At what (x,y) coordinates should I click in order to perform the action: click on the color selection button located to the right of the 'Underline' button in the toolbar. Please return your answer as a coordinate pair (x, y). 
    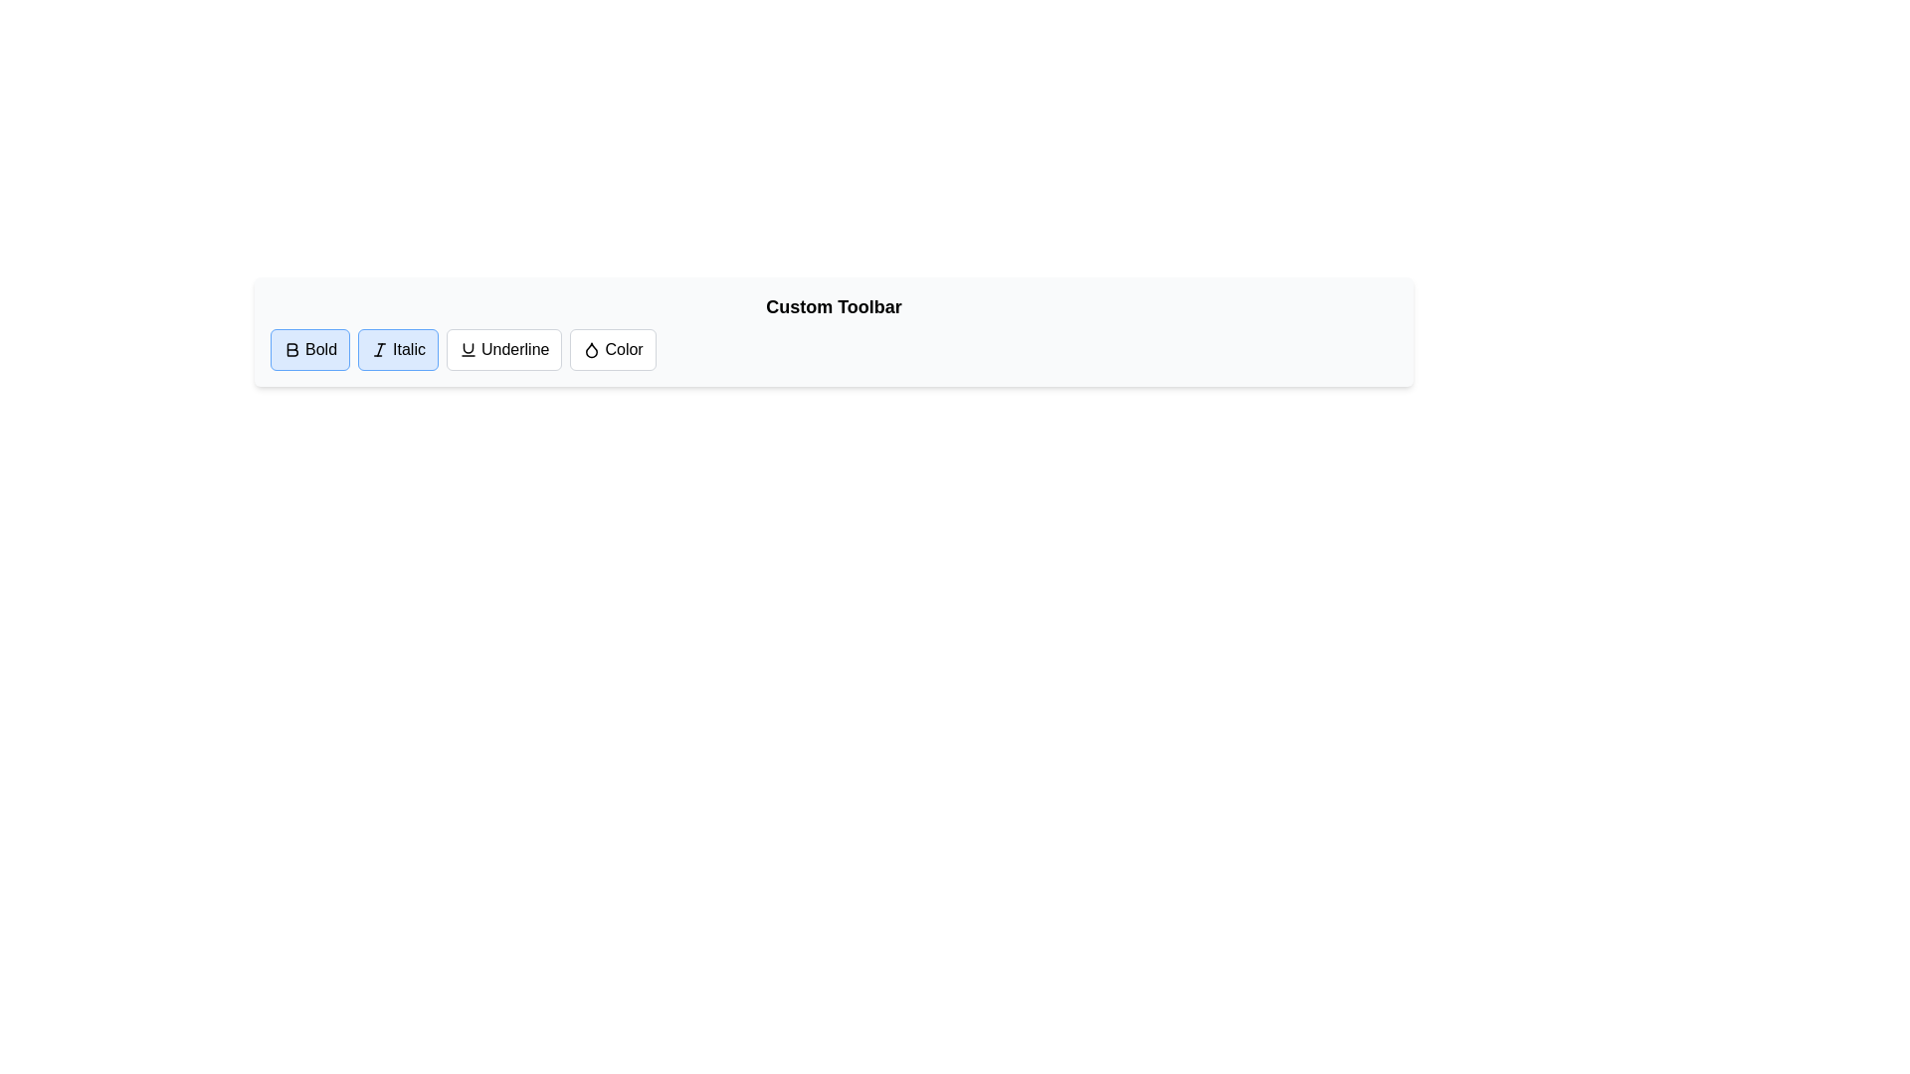
    Looking at the image, I should click on (612, 348).